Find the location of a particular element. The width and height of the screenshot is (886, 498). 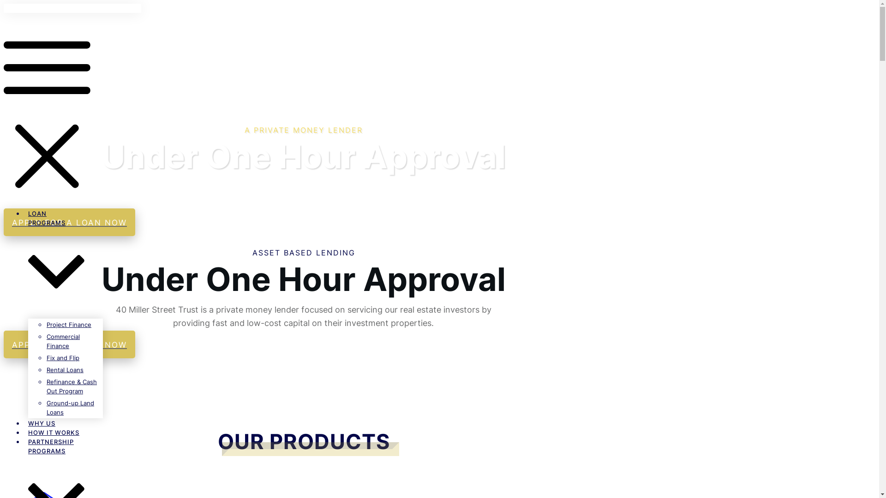

'Ground-up Land Loans' is located at coordinates (70, 407).